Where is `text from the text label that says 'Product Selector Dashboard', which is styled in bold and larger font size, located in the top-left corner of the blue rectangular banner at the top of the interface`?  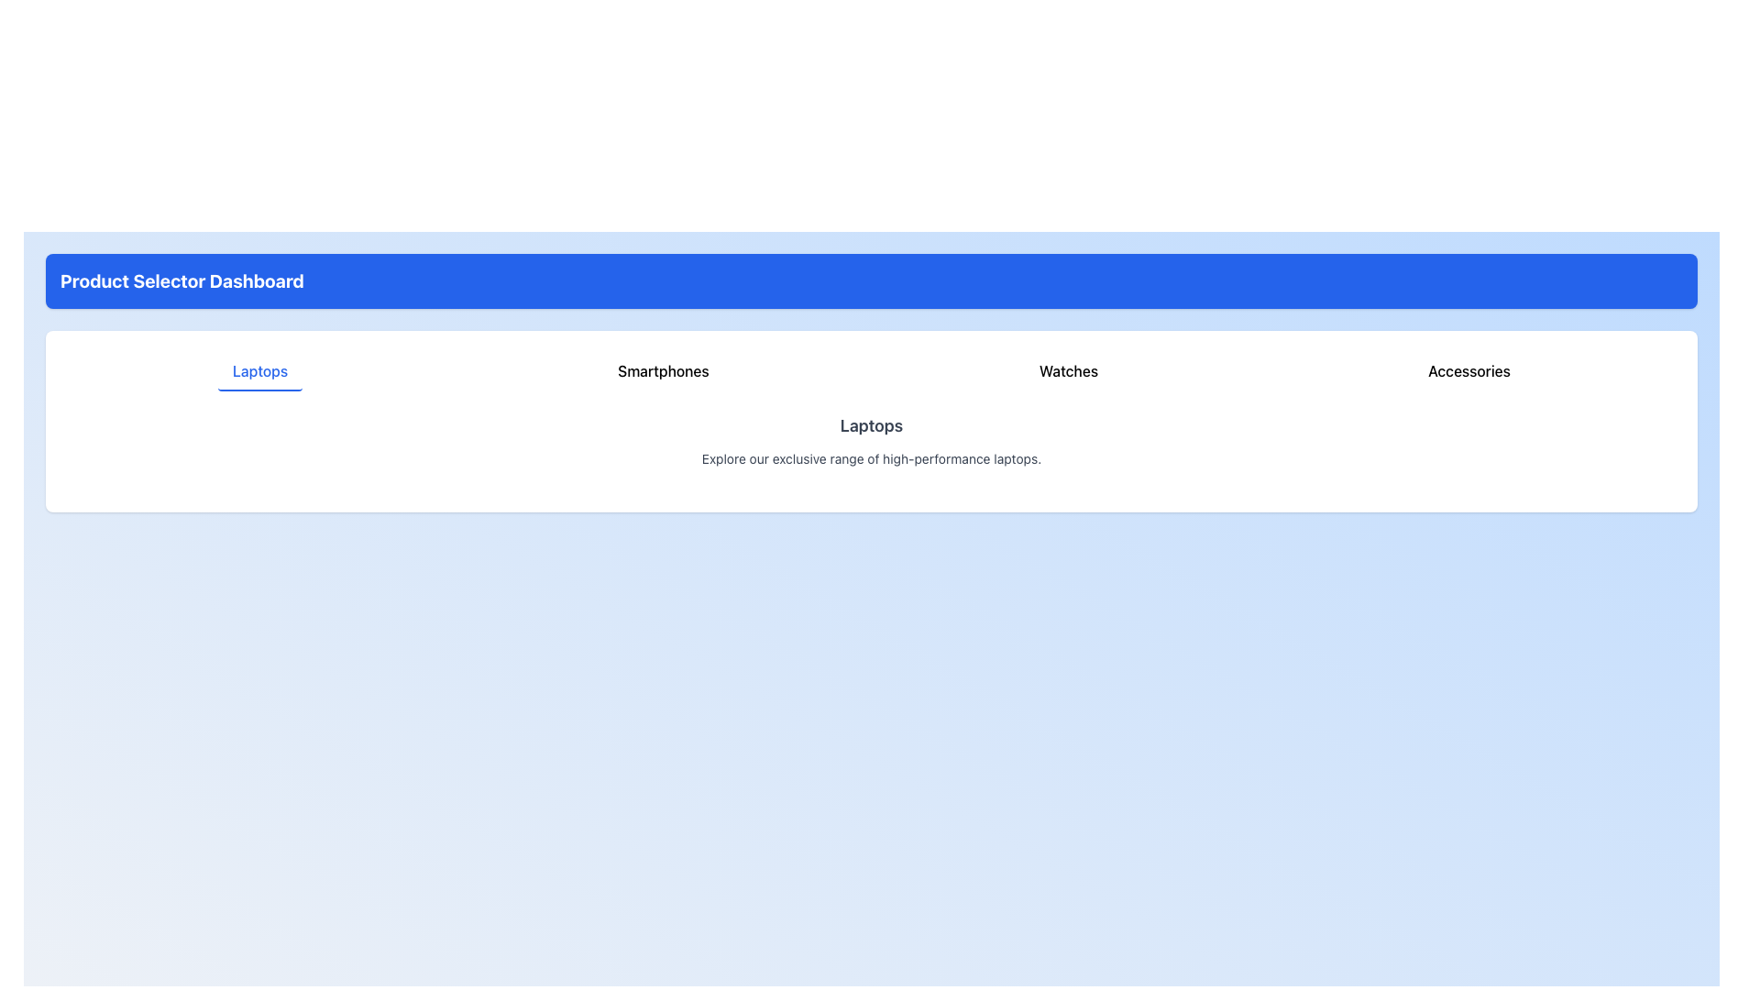 text from the text label that says 'Product Selector Dashboard', which is styled in bold and larger font size, located in the top-left corner of the blue rectangular banner at the top of the interface is located at coordinates (181, 281).